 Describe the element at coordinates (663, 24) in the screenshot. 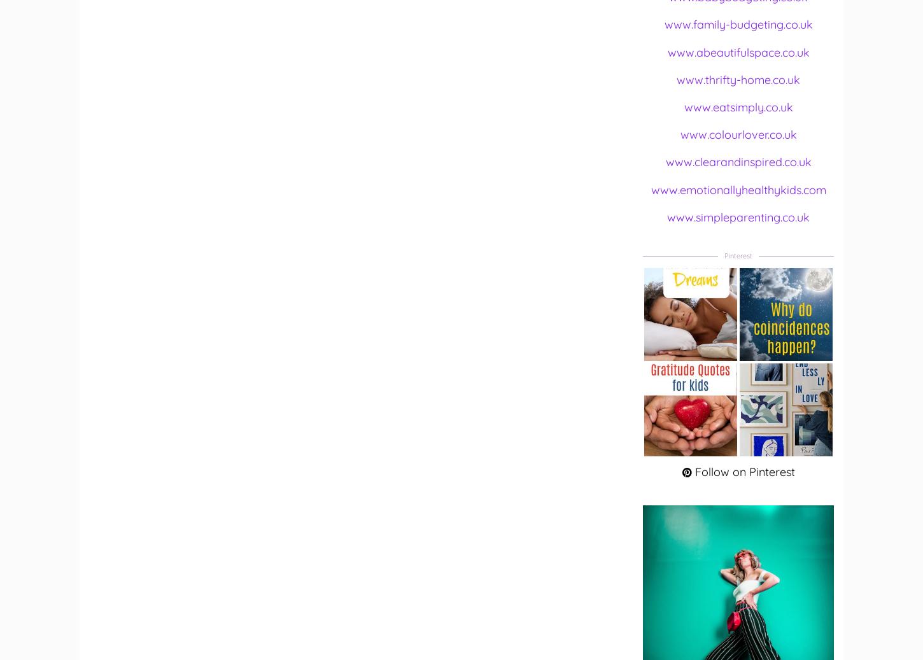

I see `'www.family-budgeting.co.uk'` at that location.